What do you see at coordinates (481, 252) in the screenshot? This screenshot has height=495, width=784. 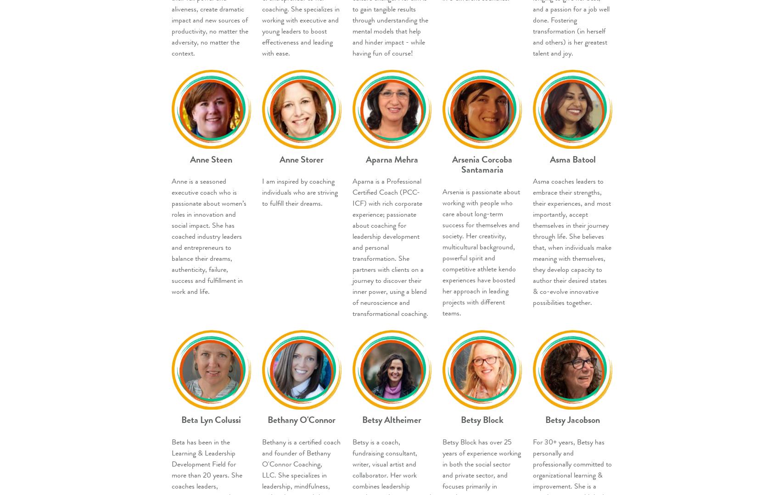 I see `'Arsenia is passionate about working with people who care about long-term success for themselves and society. Her creativity, multicultural background, powerful spirit and competitive athlete kendo experiences have boosted her approach in leading projects with different teams.'` at bounding box center [481, 252].